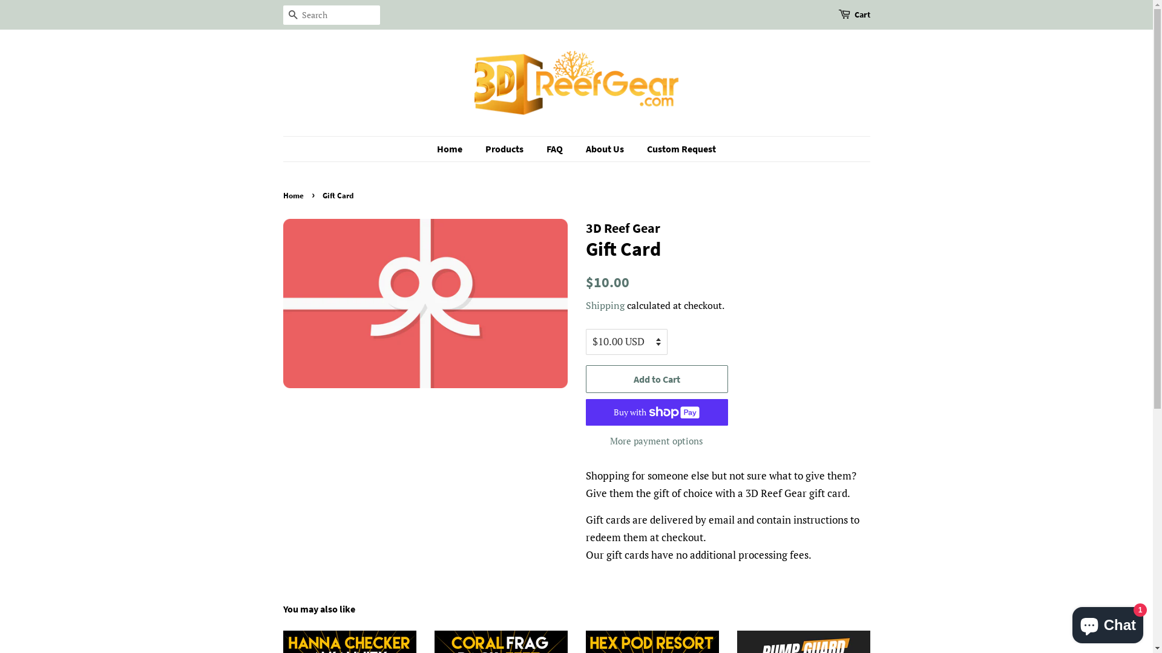 The height and width of the screenshot is (653, 1162). Describe the element at coordinates (1108, 622) in the screenshot. I see `'Shopify online store chat'` at that location.